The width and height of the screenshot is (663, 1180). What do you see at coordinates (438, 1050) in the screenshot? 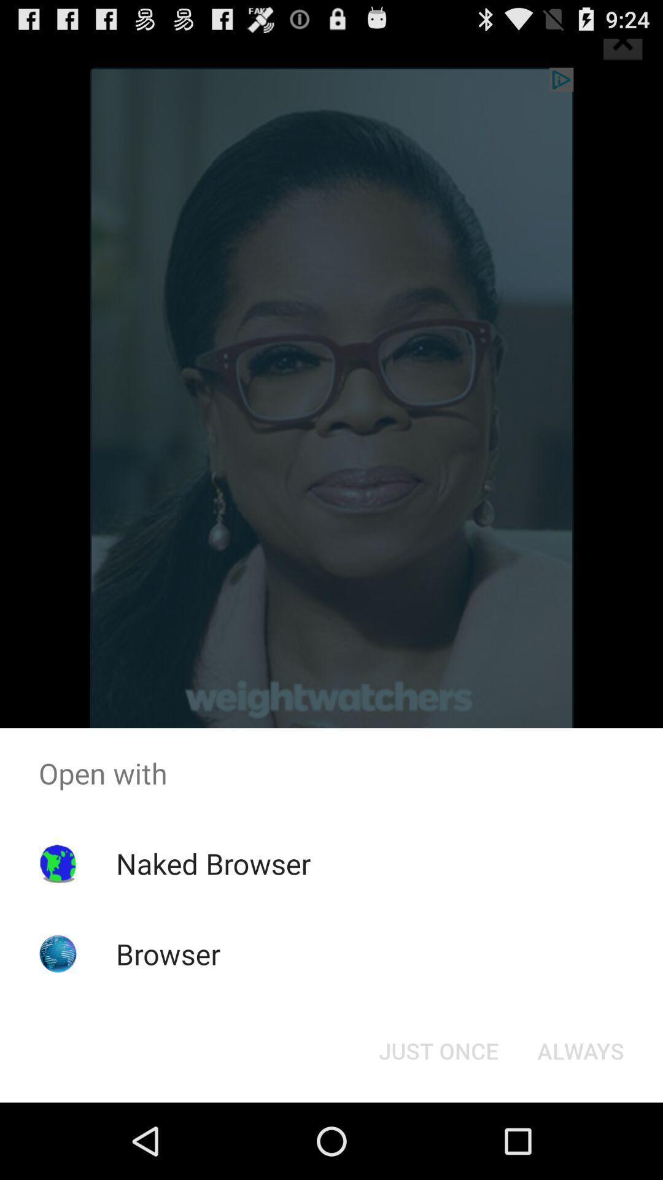
I see `the icon below open with item` at bounding box center [438, 1050].